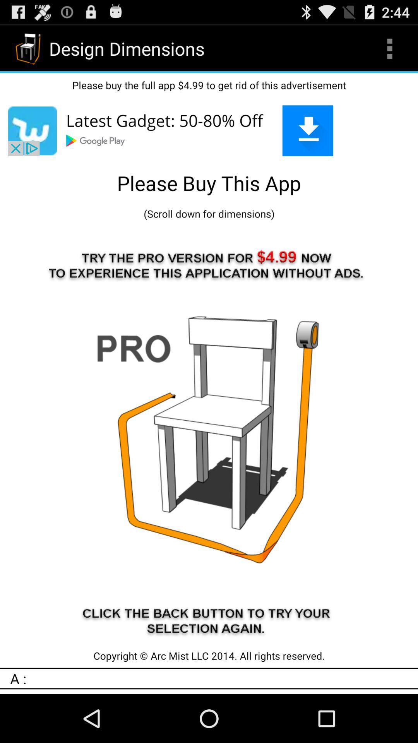 The width and height of the screenshot is (418, 743). I want to click on item next to design dimensions icon, so click(389, 48).